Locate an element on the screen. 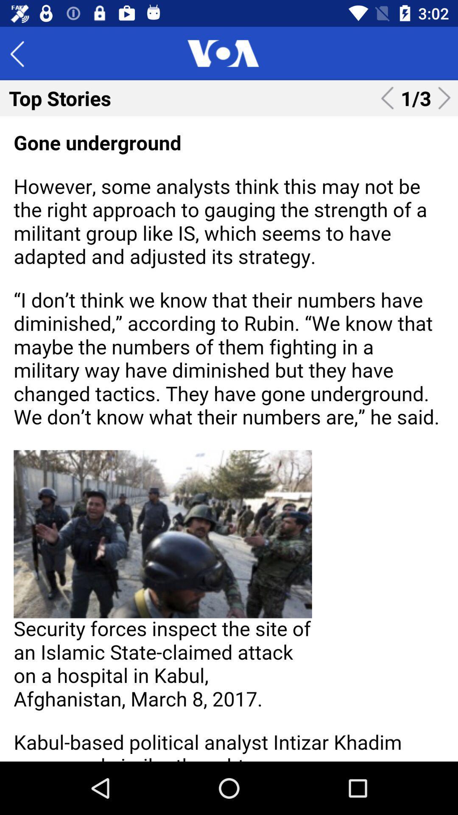 The width and height of the screenshot is (458, 815). advertisement page is located at coordinates (229, 438).